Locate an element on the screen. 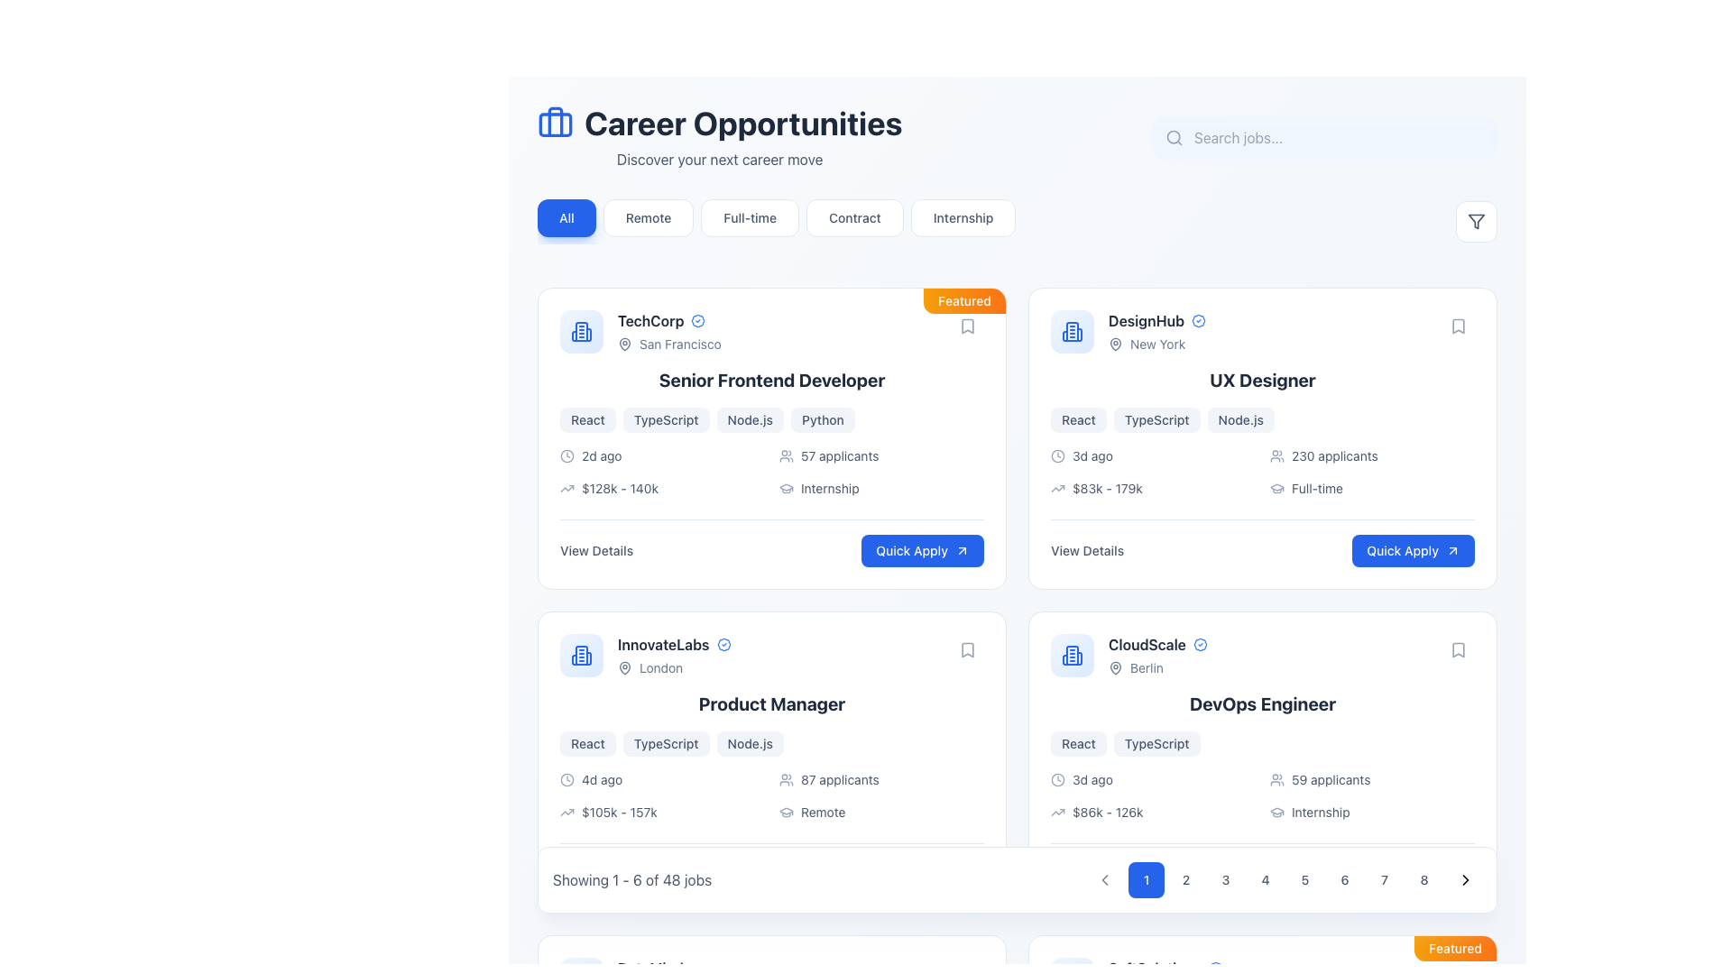 The height and width of the screenshot is (974, 1732). the text label that says 'Discover your next career move', which is displayed in a smaller font beneath the main heading 'Career Opportunities' is located at coordinates (719, 159).